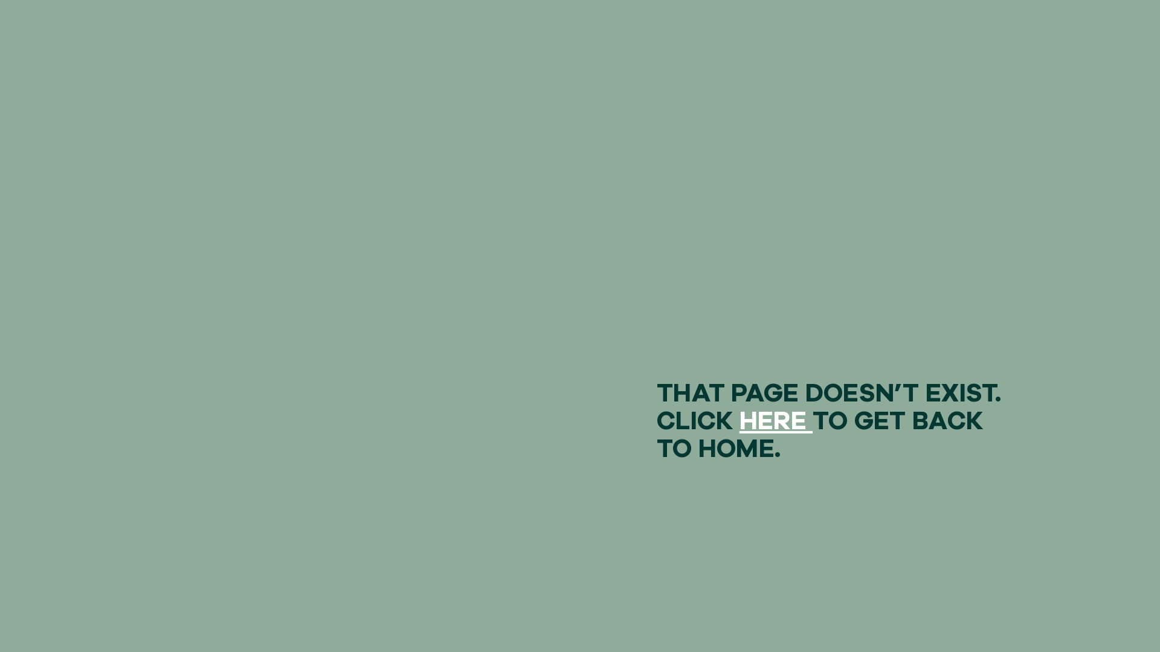 Image resolution: width=1160 pixels, height=652 pixels. Describe the element at coordinates (776, 420) in the screenshot. I see `'HERE'` at that location.